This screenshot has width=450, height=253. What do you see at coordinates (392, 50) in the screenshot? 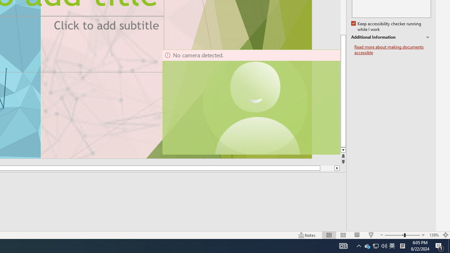
I see `'Read more about making documents accessible'` at bounding box center [392, 50].